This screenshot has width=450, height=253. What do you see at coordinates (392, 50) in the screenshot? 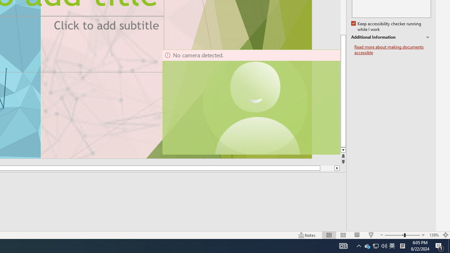
I see `'Read more about making documents accessible'` at bounding box center [392, 50].